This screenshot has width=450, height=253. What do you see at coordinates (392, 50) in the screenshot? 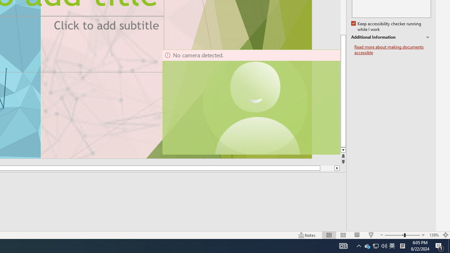
I see `'Read more about making documents accessible'` at bounding box center [392, 50].